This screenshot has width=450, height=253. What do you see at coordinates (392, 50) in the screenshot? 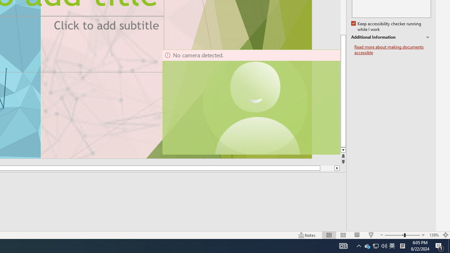
I see `'Read more about making documents accessible'` at bounding box center [392, 50].